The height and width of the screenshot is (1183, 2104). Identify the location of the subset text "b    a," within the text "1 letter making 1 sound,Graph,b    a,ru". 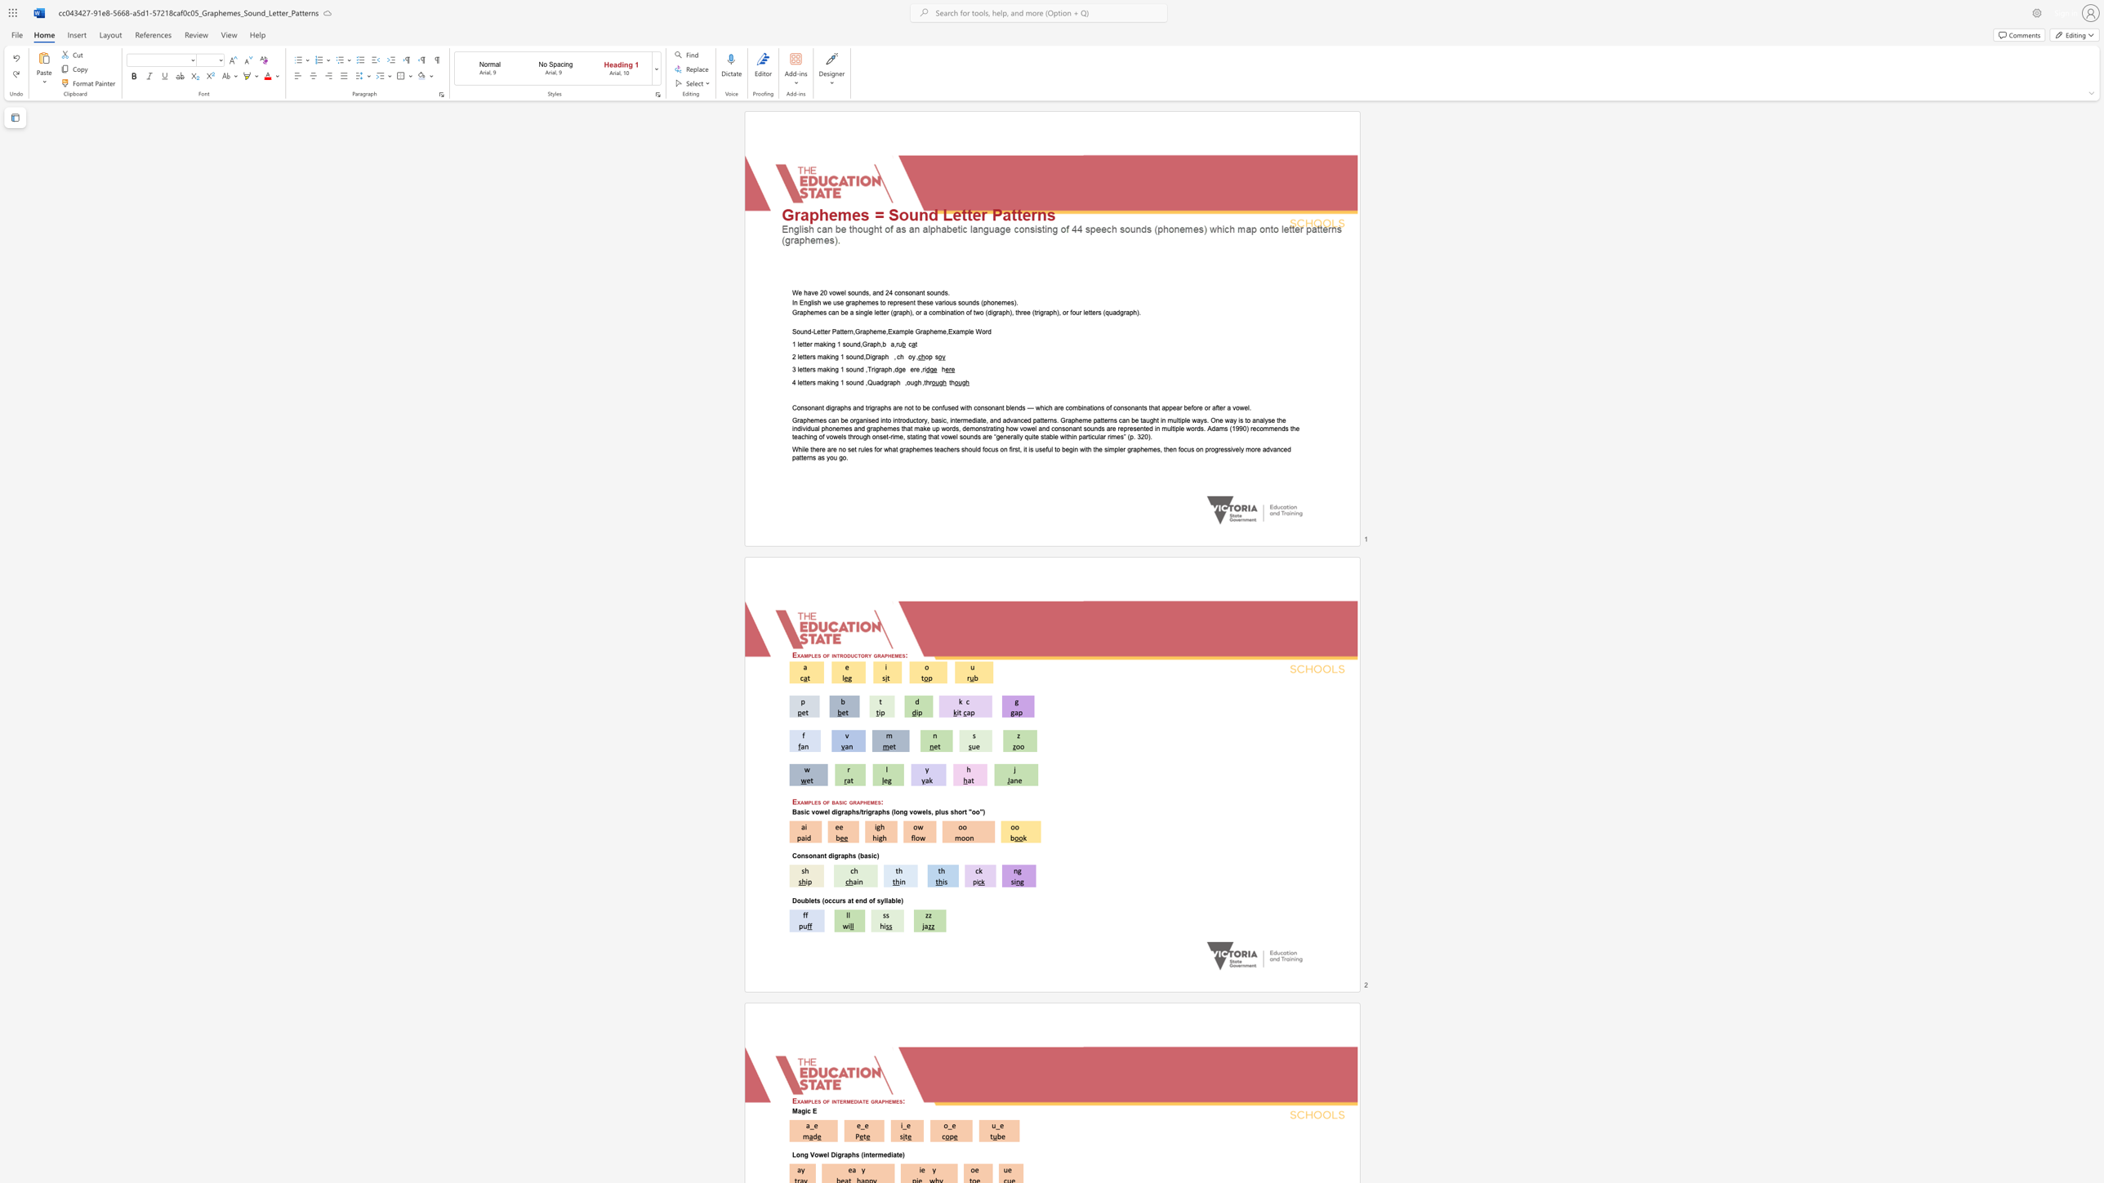
(882, 344).